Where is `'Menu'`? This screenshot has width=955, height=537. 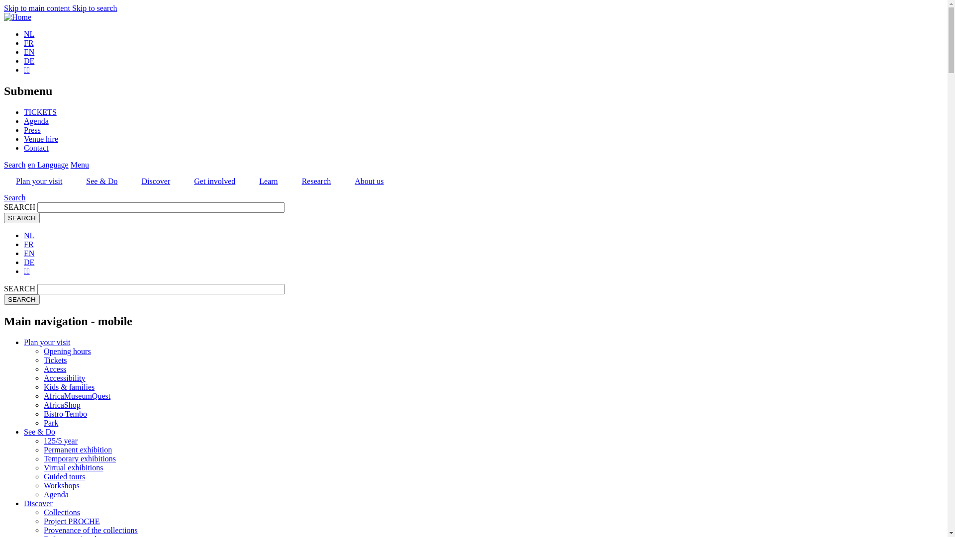
'Menu' is located at coordinates (80, 164).